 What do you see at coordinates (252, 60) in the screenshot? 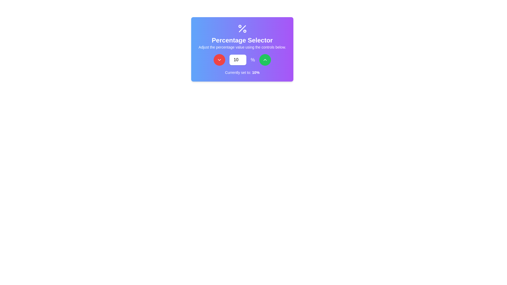
I see `the percentage unit label, which is represented by the '%' symbol and is prominently styled with a white color and larger font size, located to the right of a numeric input box and to the left of a green button with an upward arrow` at bounding box center [252, 60].